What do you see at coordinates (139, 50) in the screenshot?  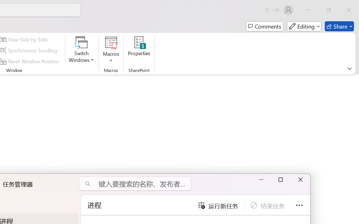 I see `'Properties'` at bounding box center [139, 50].